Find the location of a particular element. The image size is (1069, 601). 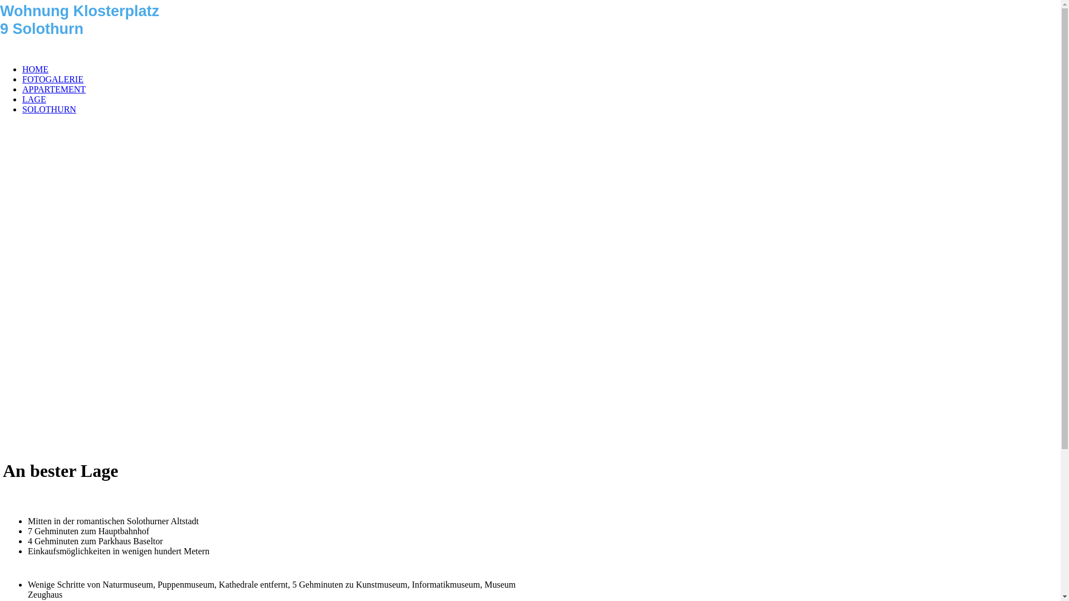

'Wohnung Klosterplatz 9 Solothurn' is located at coordinates (0, 4).